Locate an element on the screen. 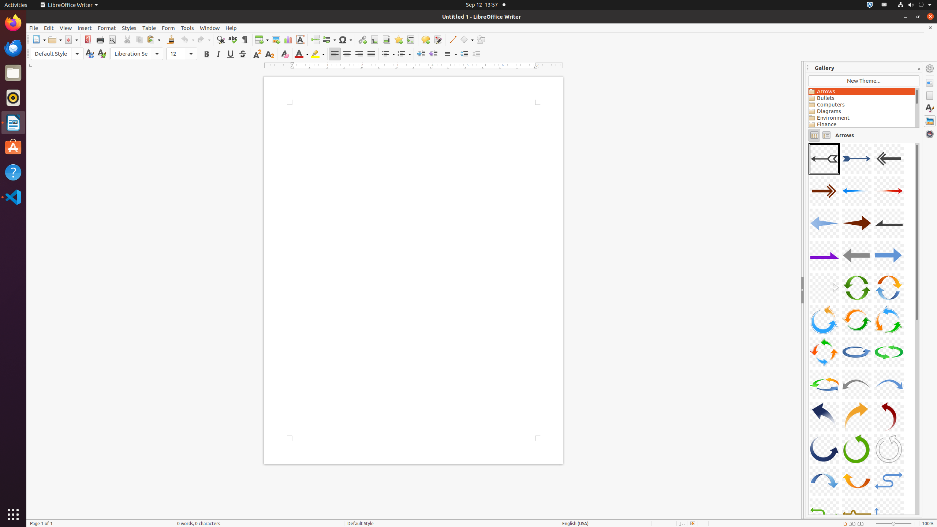 The height and width of the screenshot is (527, 937). 'Styles' is located at coordinates (129, 28).